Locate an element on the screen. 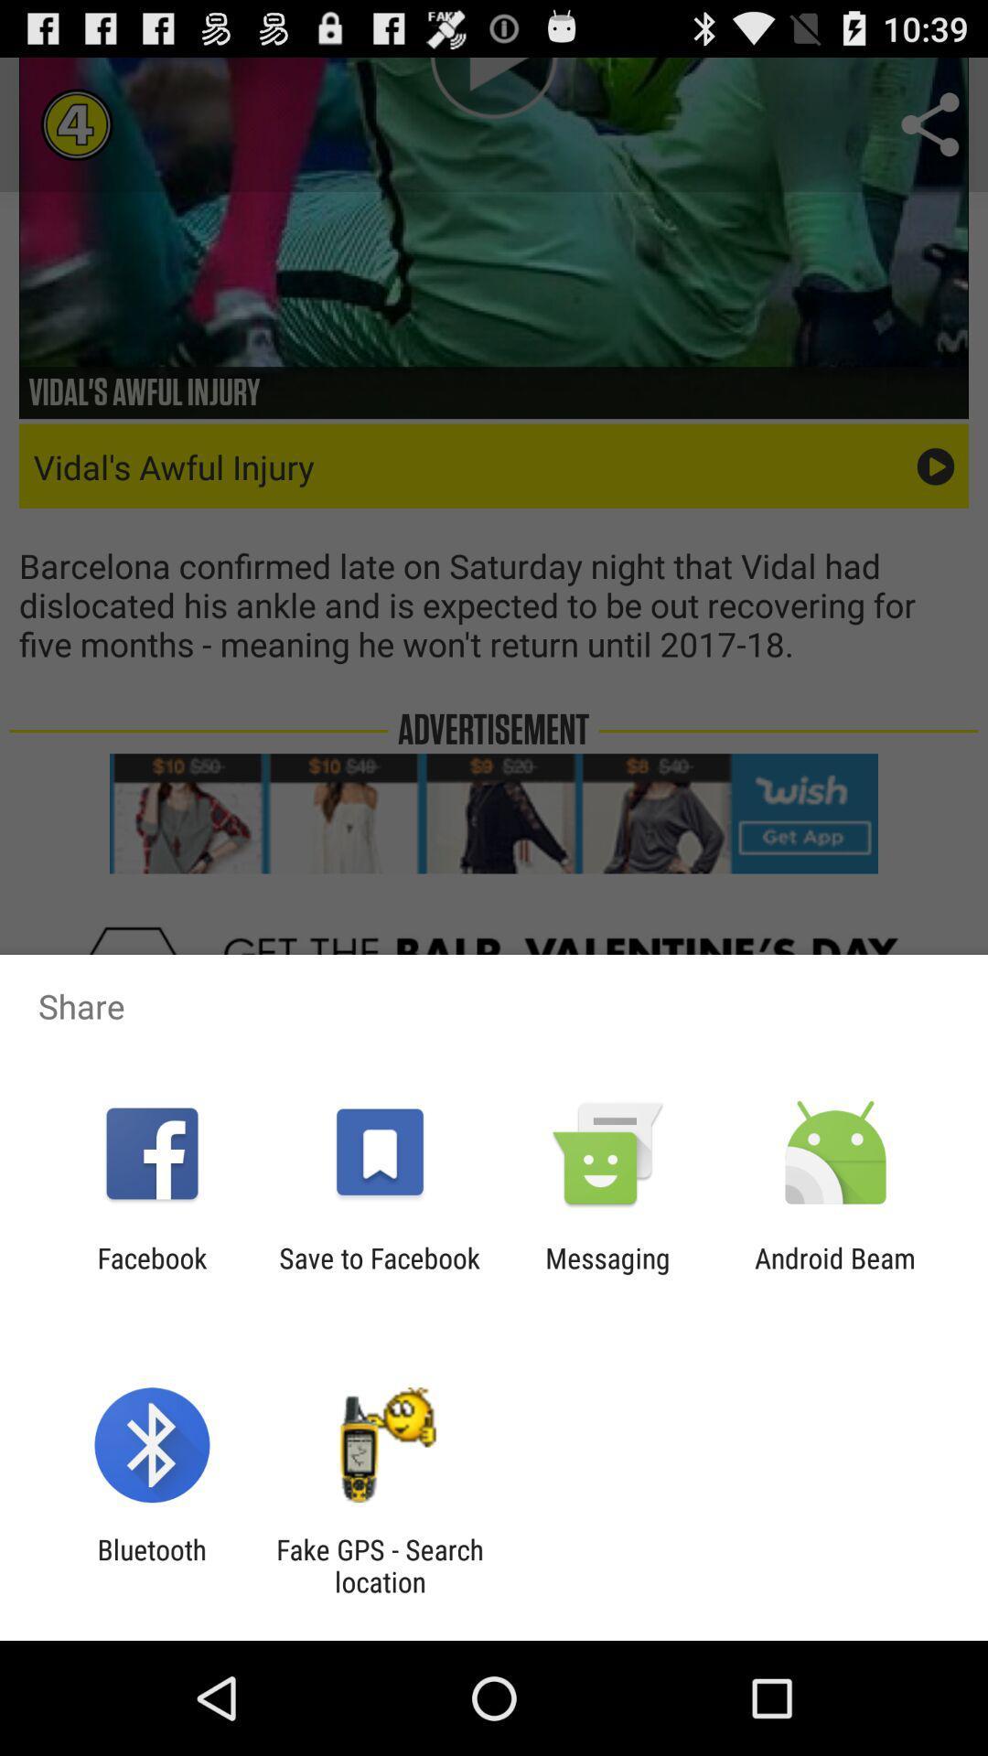 The image size is (988, 1756). item next to save to facebook icon is located at coordinates (607, 1273).